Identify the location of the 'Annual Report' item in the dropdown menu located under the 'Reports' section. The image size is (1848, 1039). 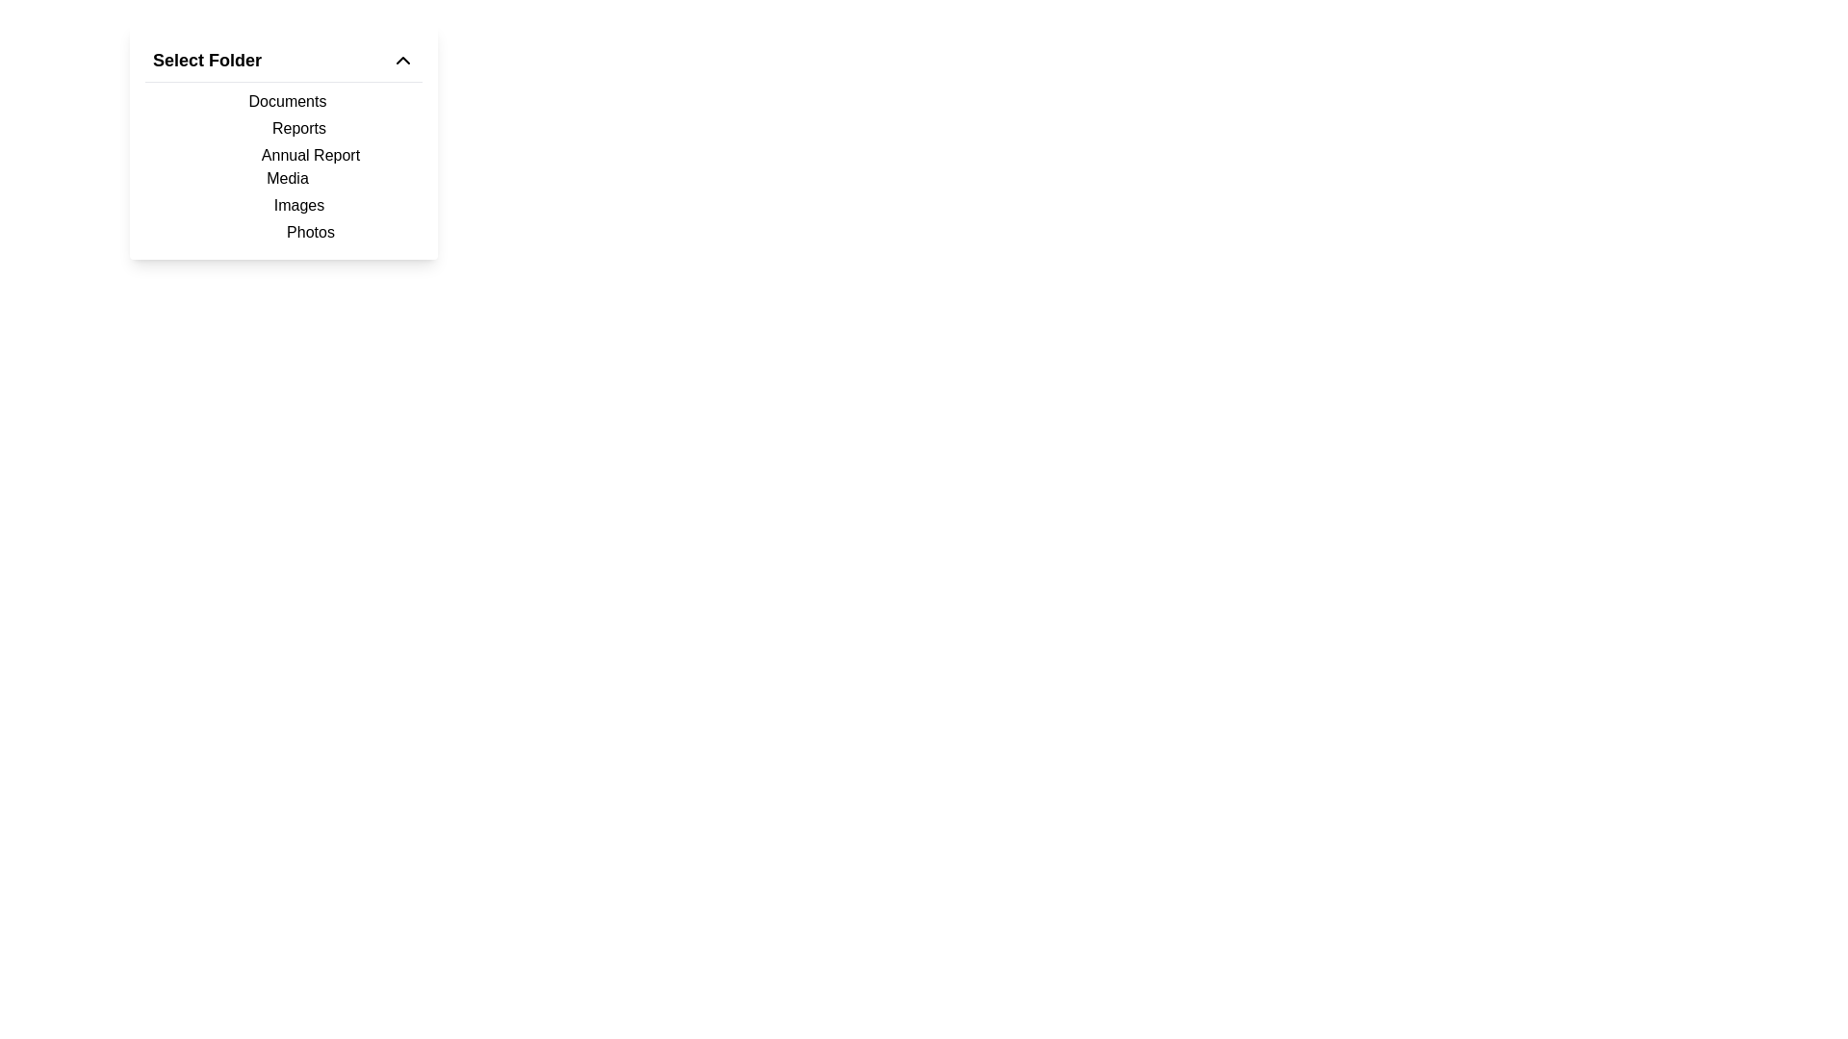
(310, 155).